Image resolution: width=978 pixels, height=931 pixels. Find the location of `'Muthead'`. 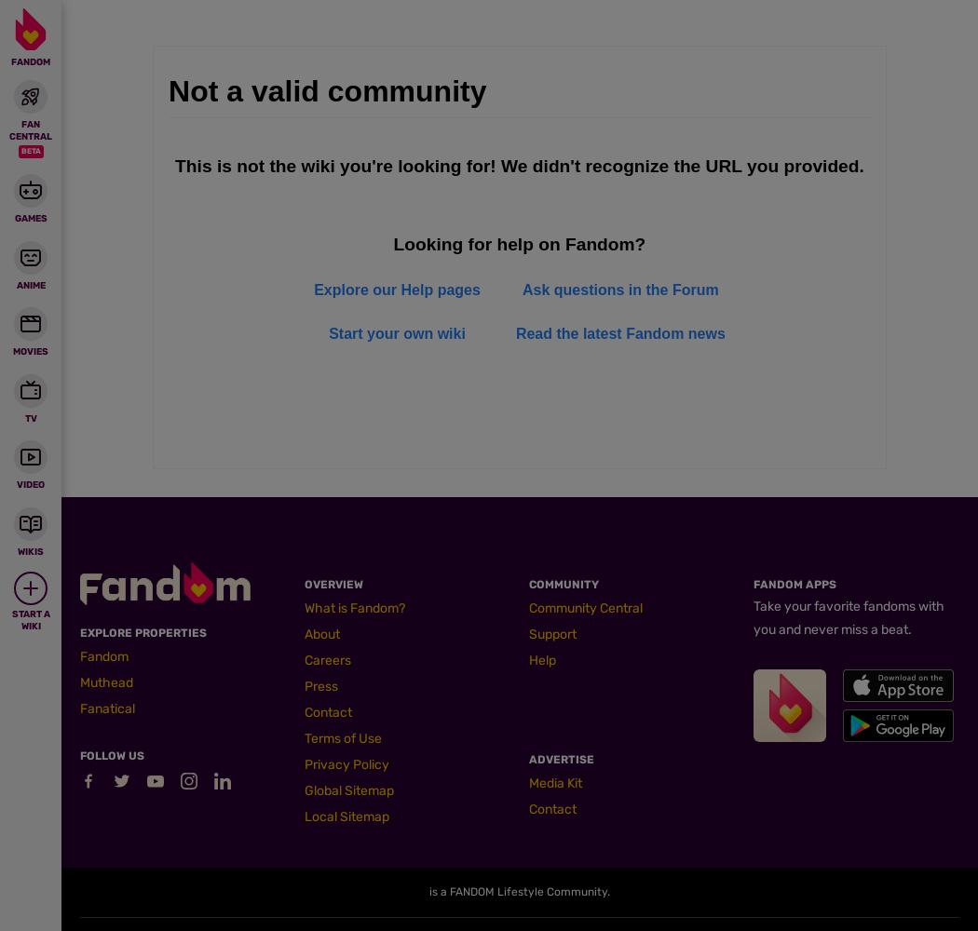

'Muthead' is located at coordinates (105, 681).